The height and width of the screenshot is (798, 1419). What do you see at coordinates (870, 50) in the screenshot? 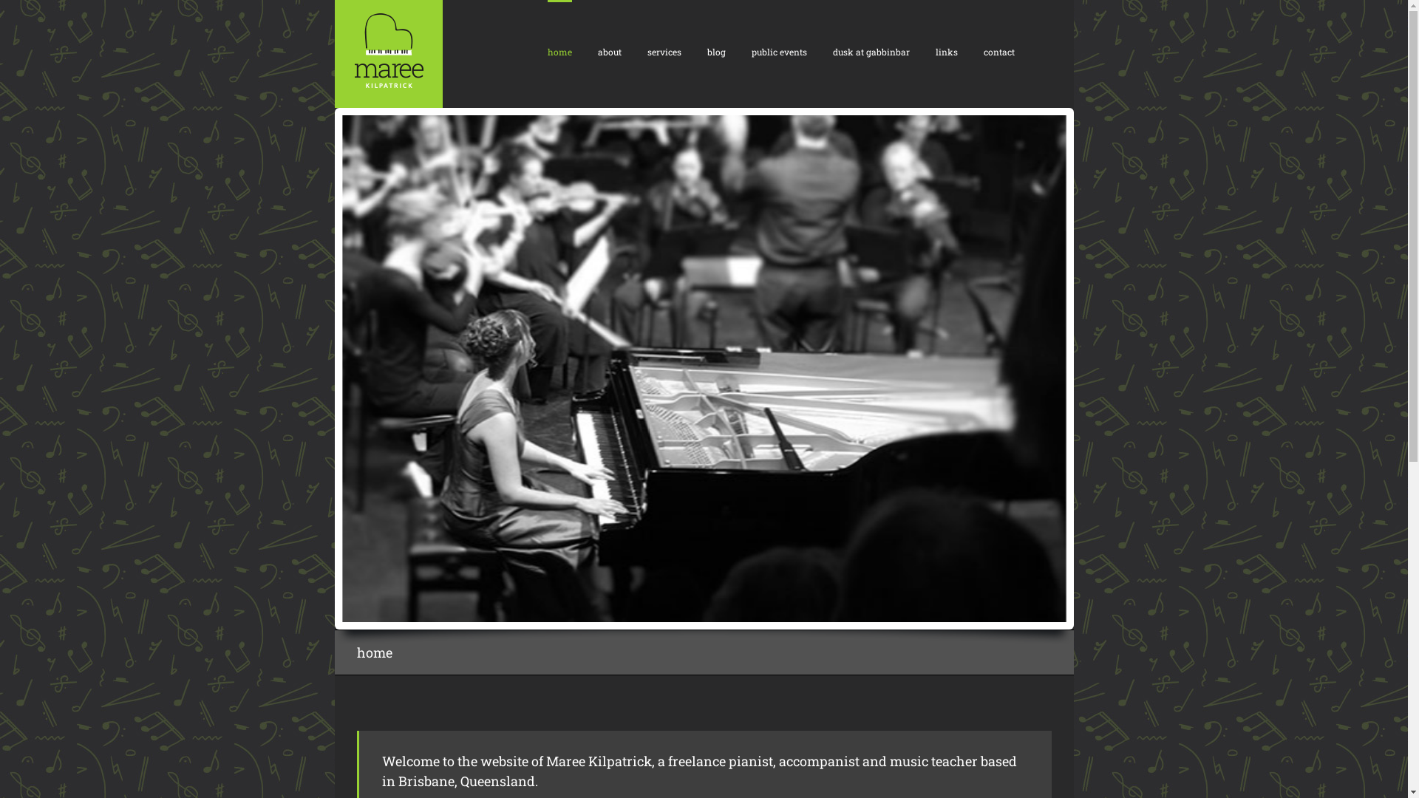
I see `'dusk at gabbinbar'` at bounding box center [870, 50].